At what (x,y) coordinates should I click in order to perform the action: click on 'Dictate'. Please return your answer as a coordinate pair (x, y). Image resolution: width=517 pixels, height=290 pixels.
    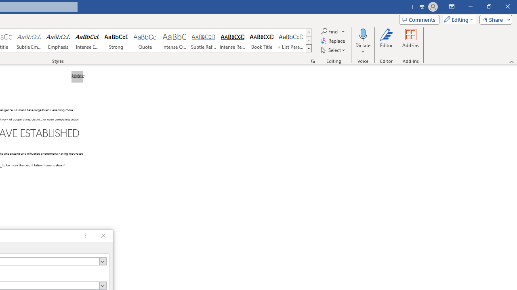
    Looking at the image, I should click on (363, 41).